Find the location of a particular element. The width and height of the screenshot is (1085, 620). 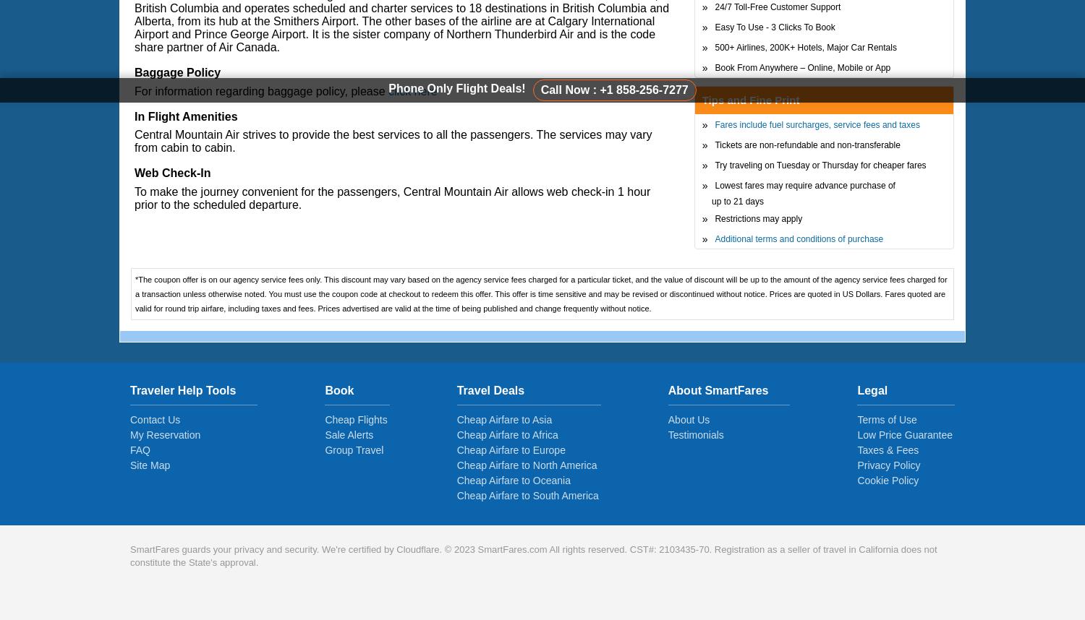

'Terms of Use' is located at coordinates (885, 419).